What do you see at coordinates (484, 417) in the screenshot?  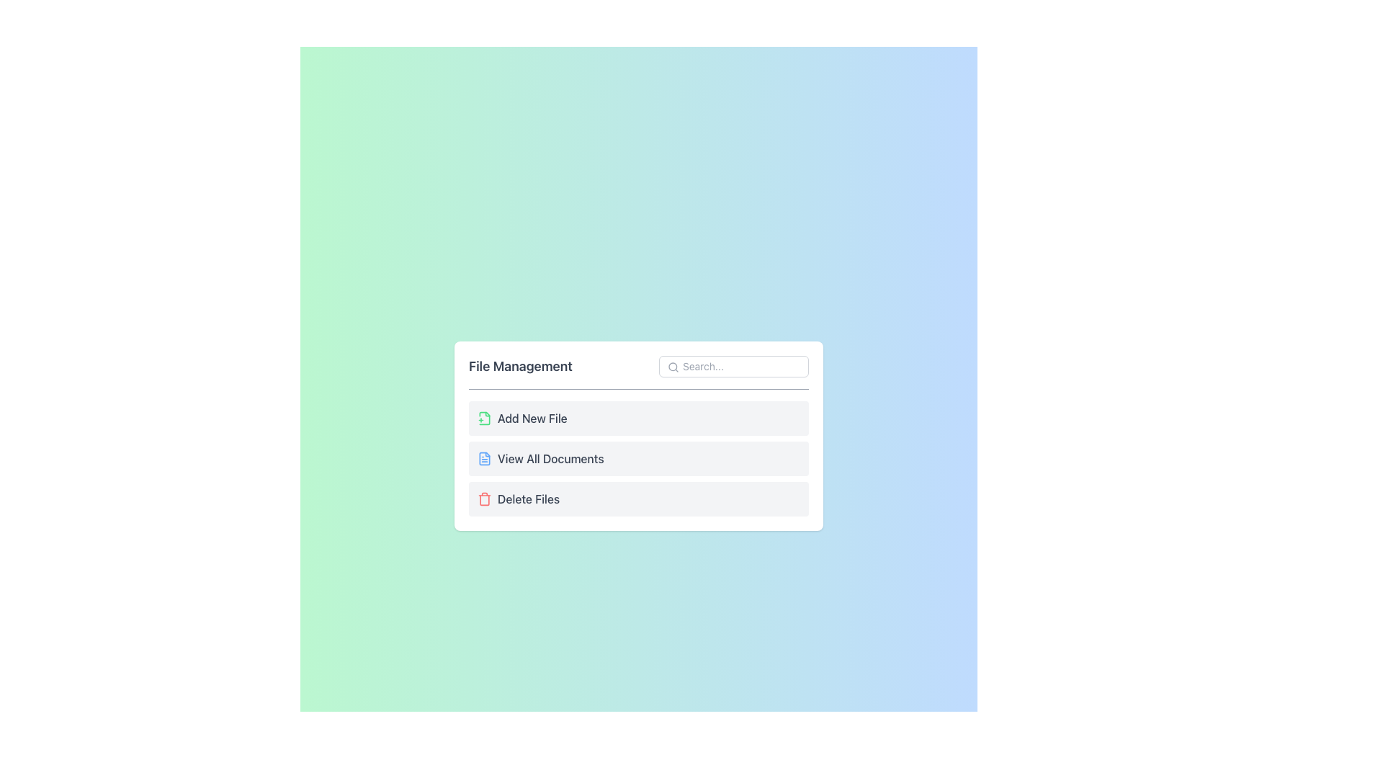 I see `the small green icon resembling a document with a '+' sign, located adjacent to the text 'Add New File'` at bounding box center [484, 417].